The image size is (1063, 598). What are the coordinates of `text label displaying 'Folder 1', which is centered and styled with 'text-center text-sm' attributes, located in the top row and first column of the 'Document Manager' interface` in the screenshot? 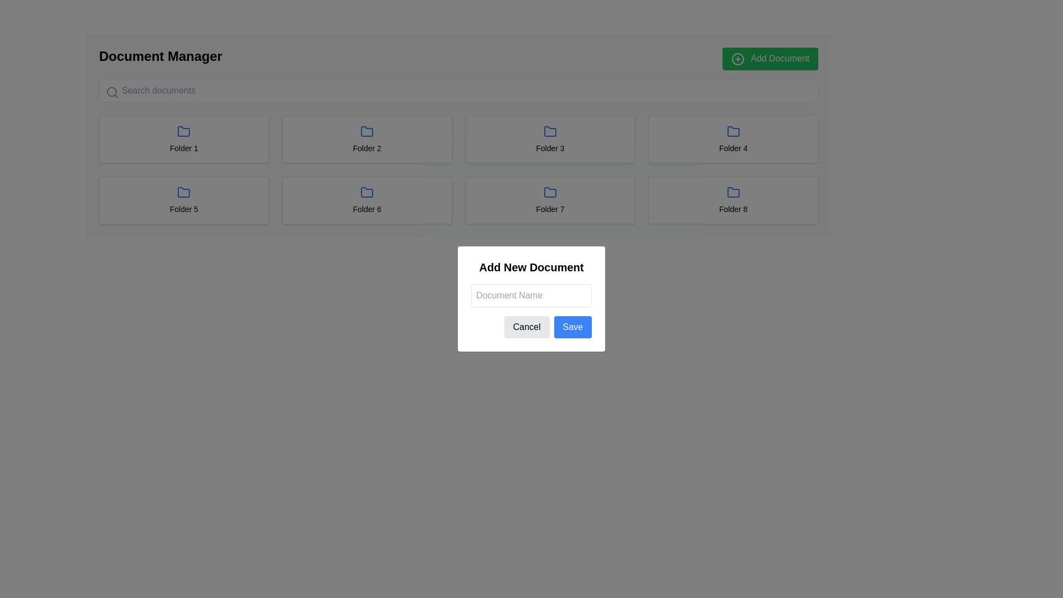 It's located at (184, 147).